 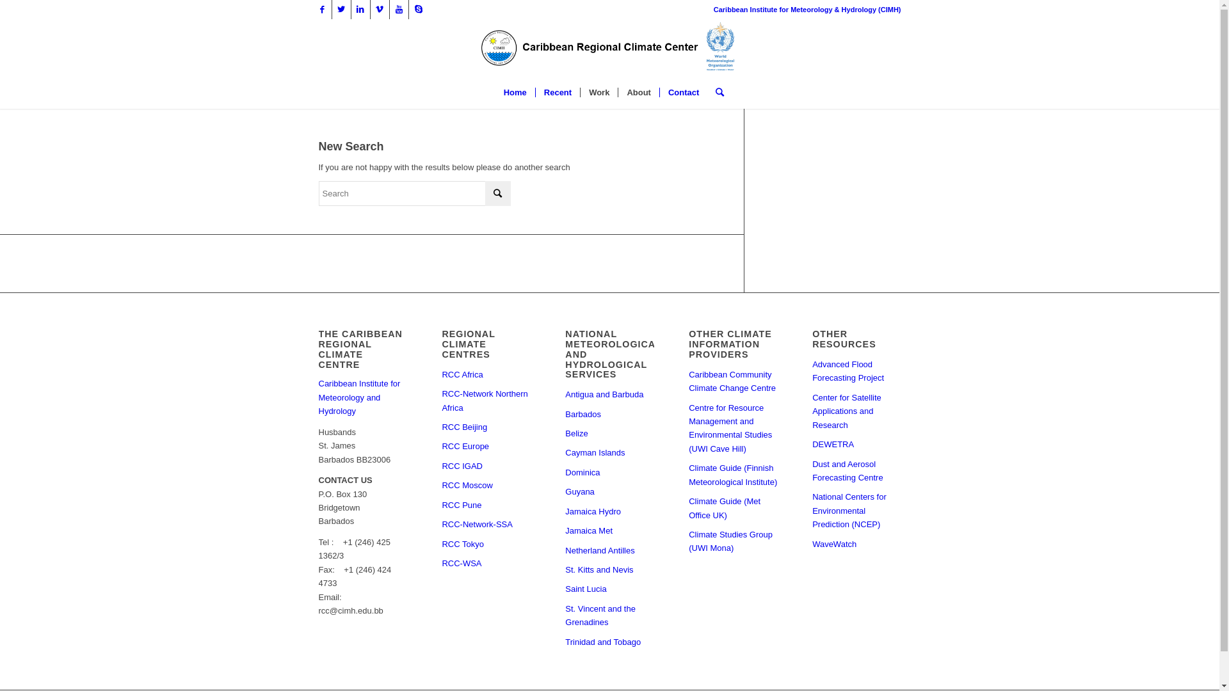 What do you see at coordinates (321, 10) in the screenshot?
I see `'Facebook'` at bounding box center [321, 10].